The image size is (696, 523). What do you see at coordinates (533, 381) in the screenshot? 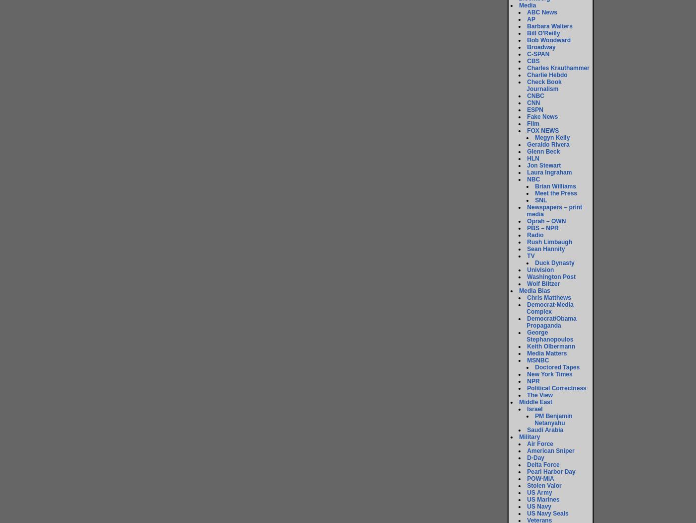
I see `'NPR'` at bounding box center [533, 381].